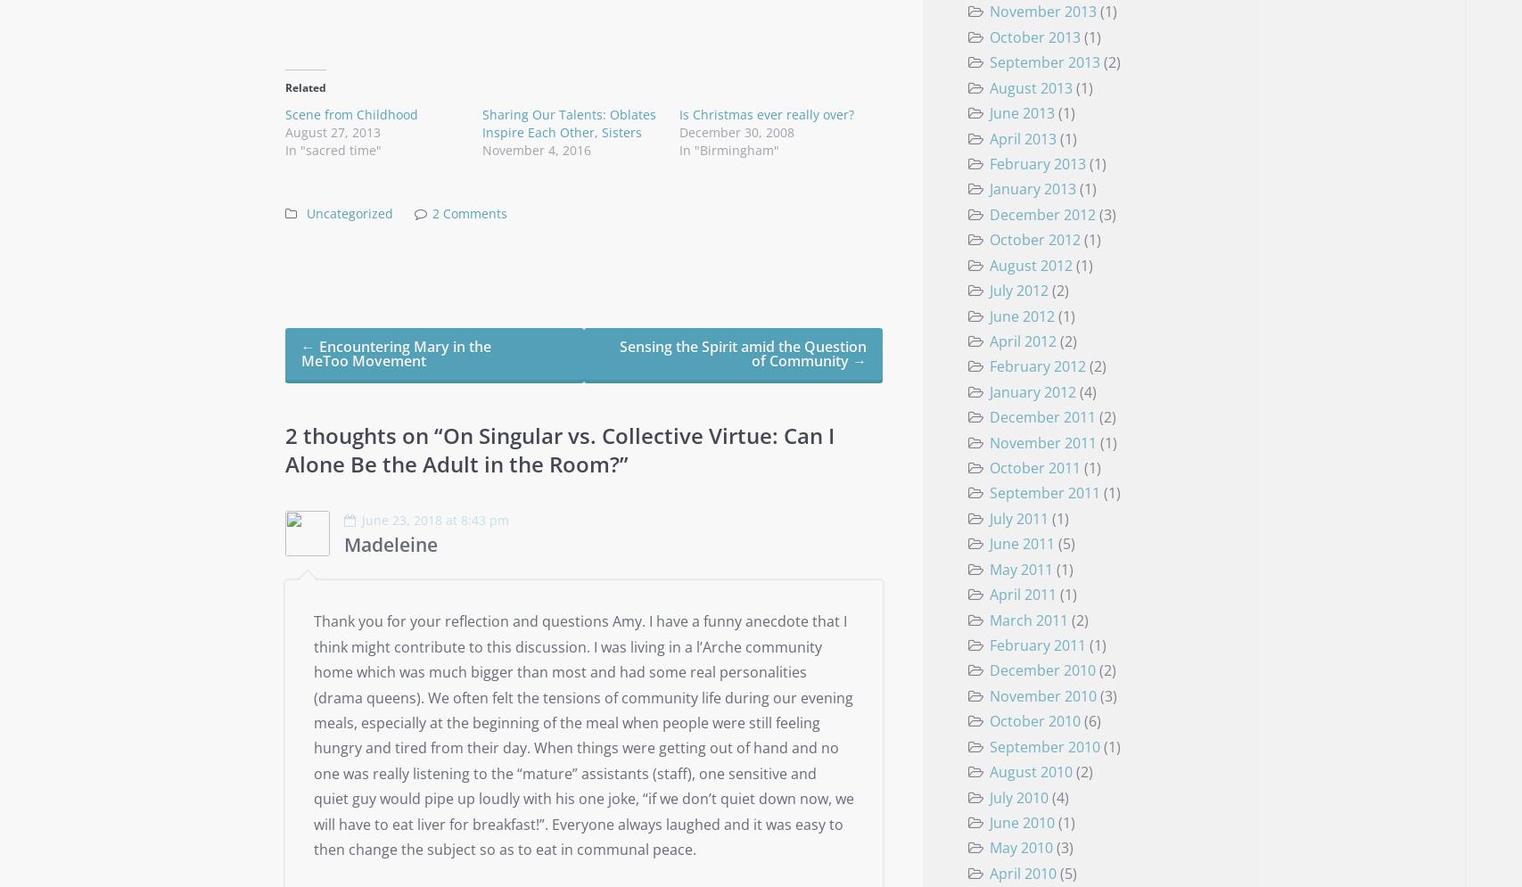  Describe the element at coordinates (1021, 871) in the screenshot. I see `'April 2010'` at that location.